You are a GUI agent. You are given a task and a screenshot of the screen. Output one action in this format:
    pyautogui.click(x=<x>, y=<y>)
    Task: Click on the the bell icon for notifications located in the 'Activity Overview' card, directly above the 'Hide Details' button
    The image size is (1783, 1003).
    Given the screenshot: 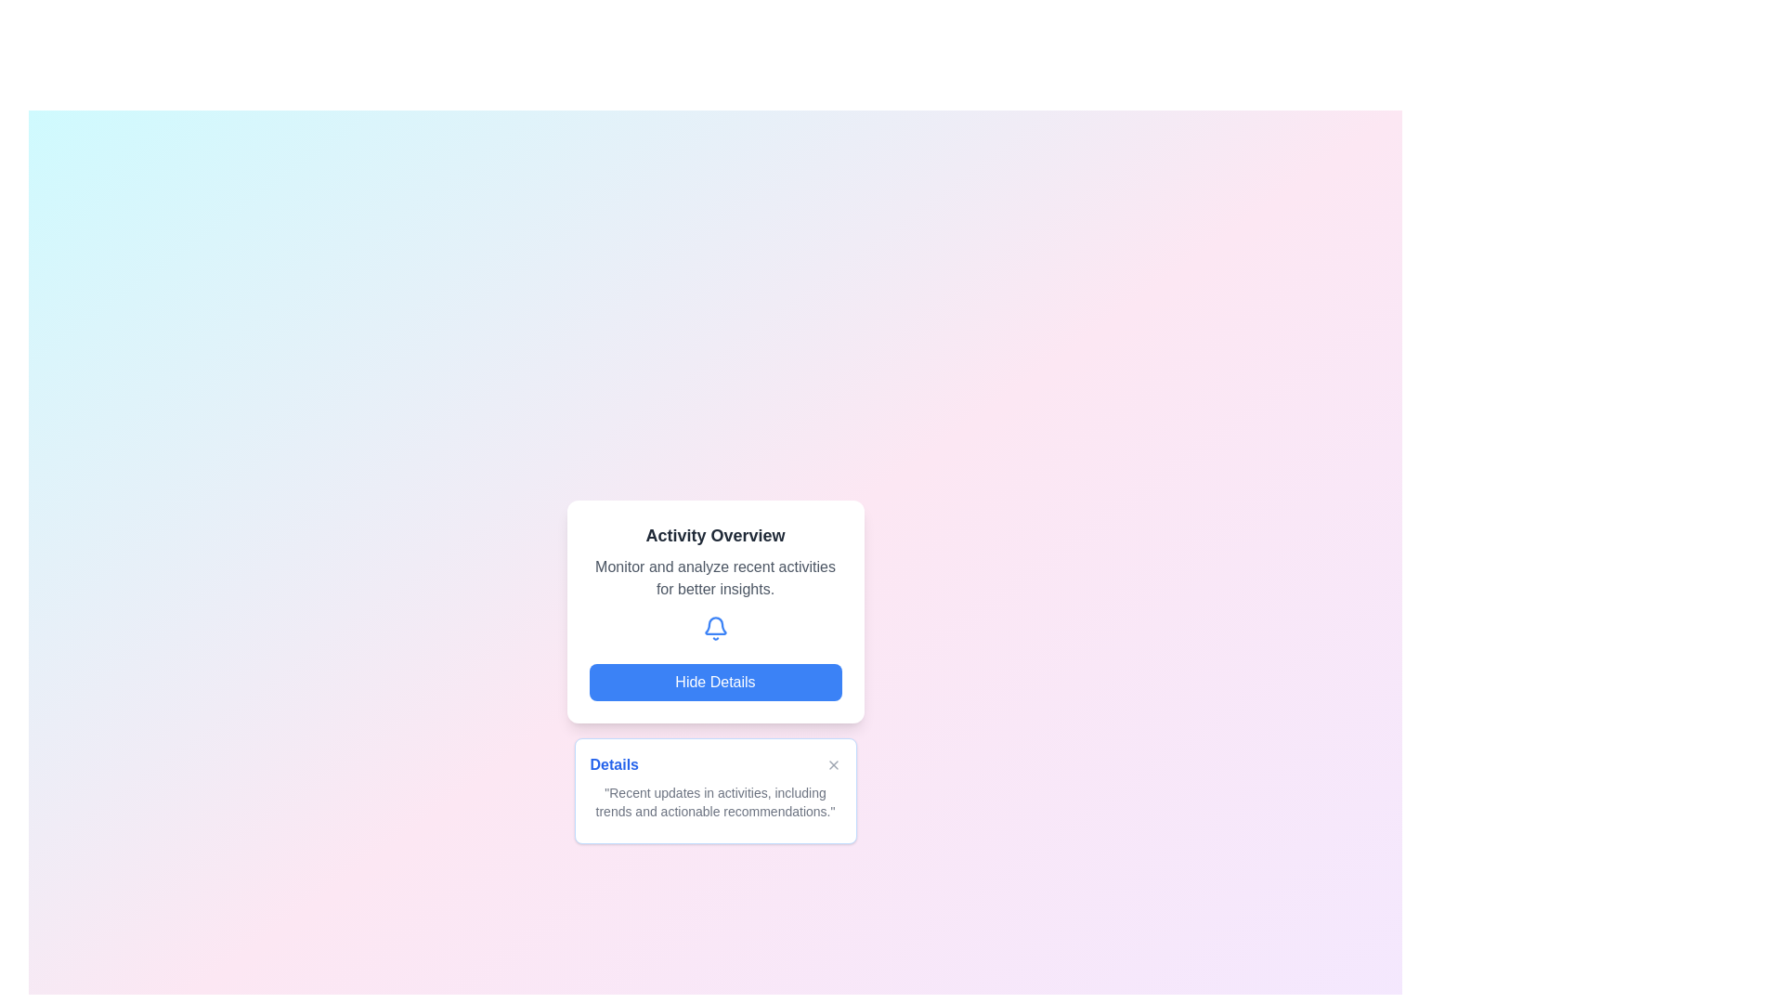 What is the action you would take?
    pyautogui.click(x=714, y=628)
    